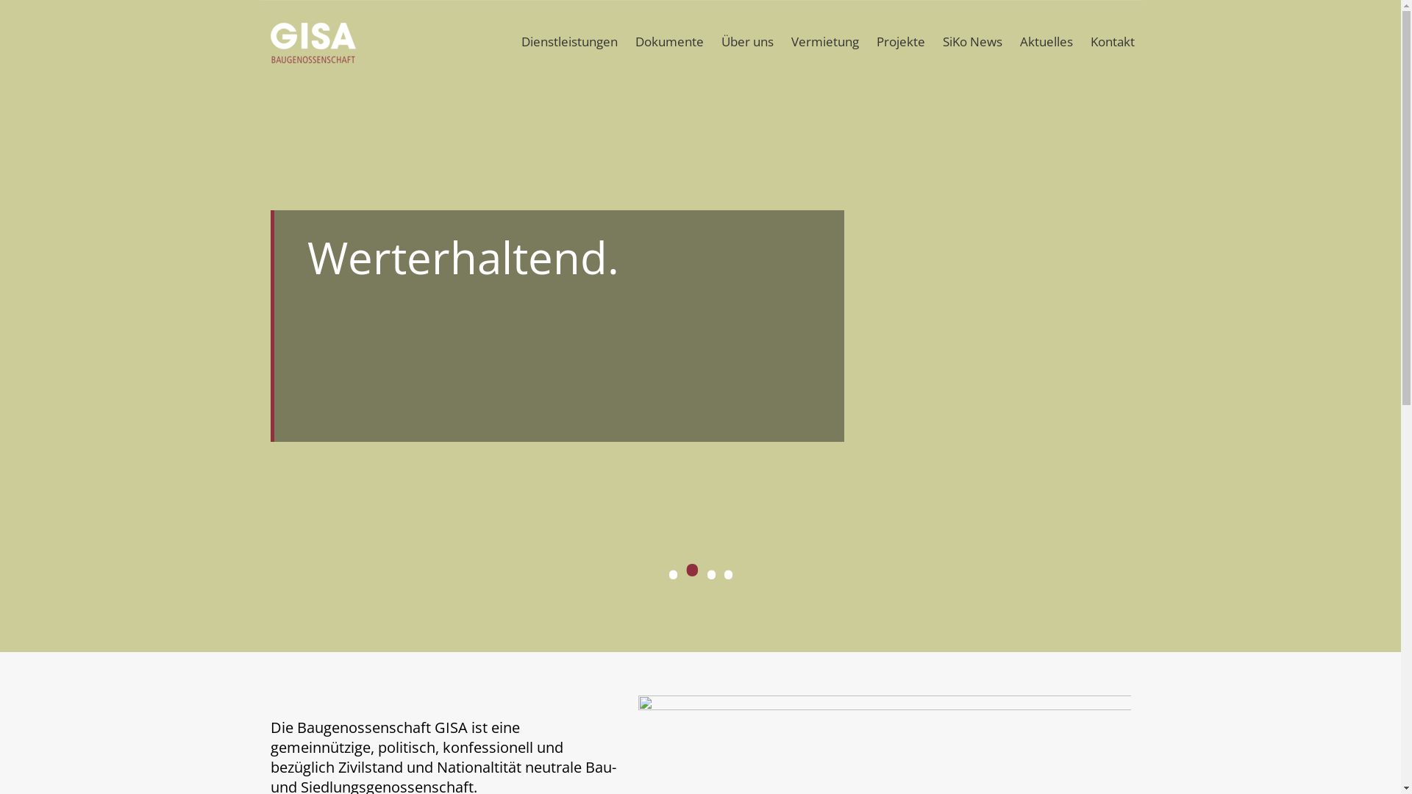 This screenshot has height=794, width=1412. Describe the element at coordinates (668, 40) in the screenshot. I see `'Dokumente'` at that location.